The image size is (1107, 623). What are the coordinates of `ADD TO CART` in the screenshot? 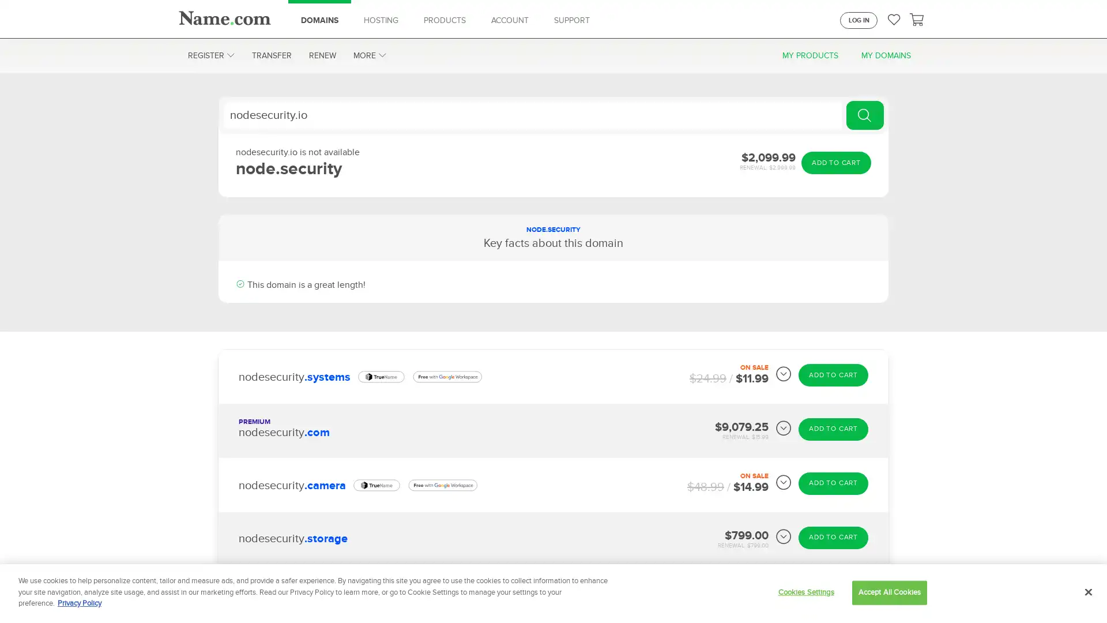 It's located at (833, 375).